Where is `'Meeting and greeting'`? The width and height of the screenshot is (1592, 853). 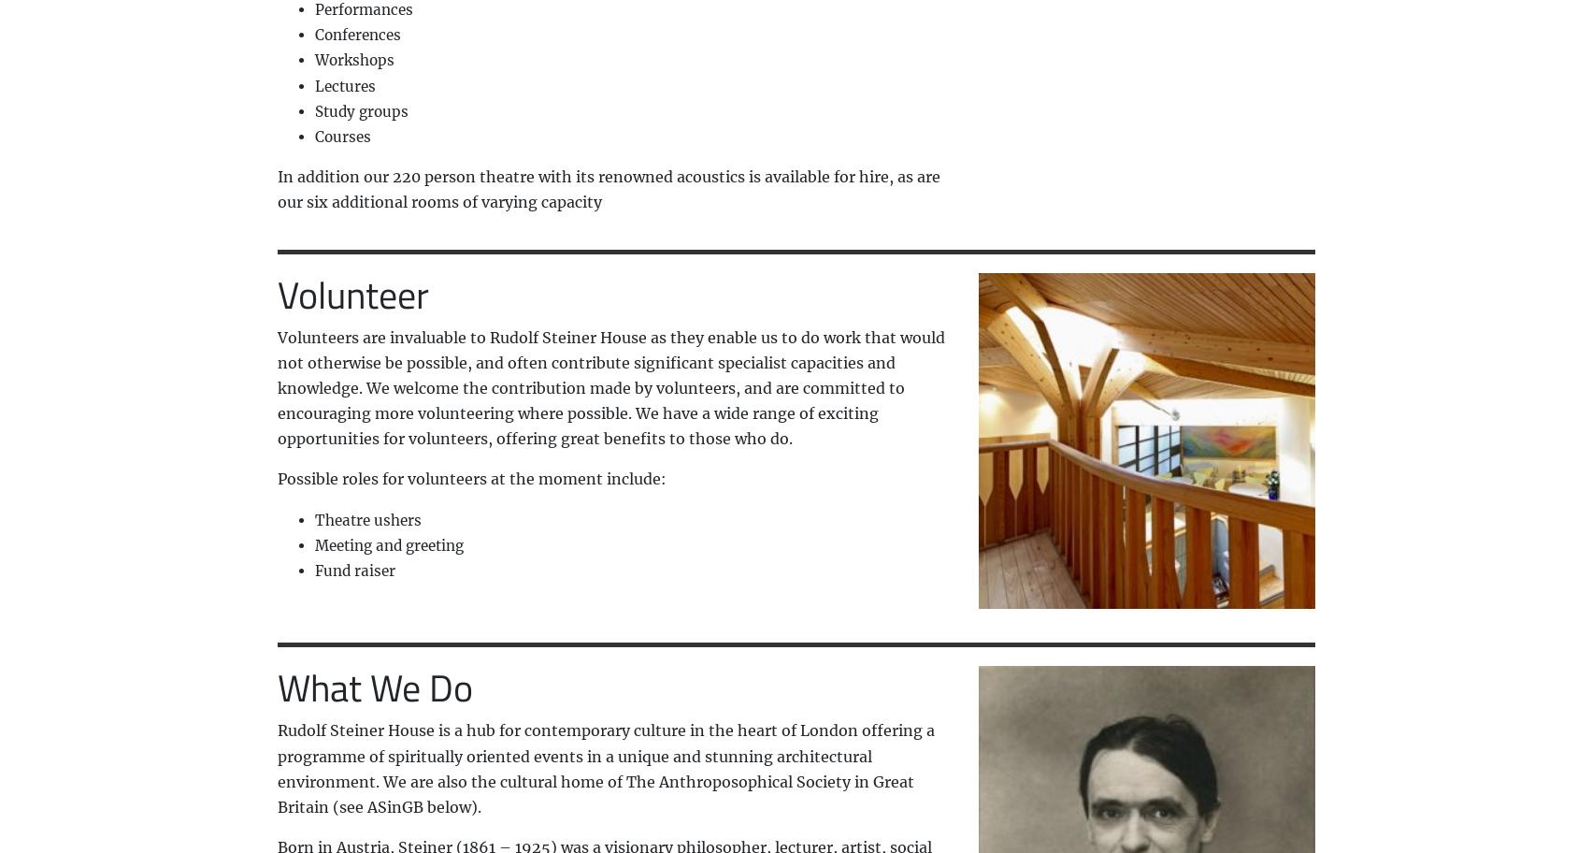 'Meeting and greeting' is located at coordinates (313, 543).